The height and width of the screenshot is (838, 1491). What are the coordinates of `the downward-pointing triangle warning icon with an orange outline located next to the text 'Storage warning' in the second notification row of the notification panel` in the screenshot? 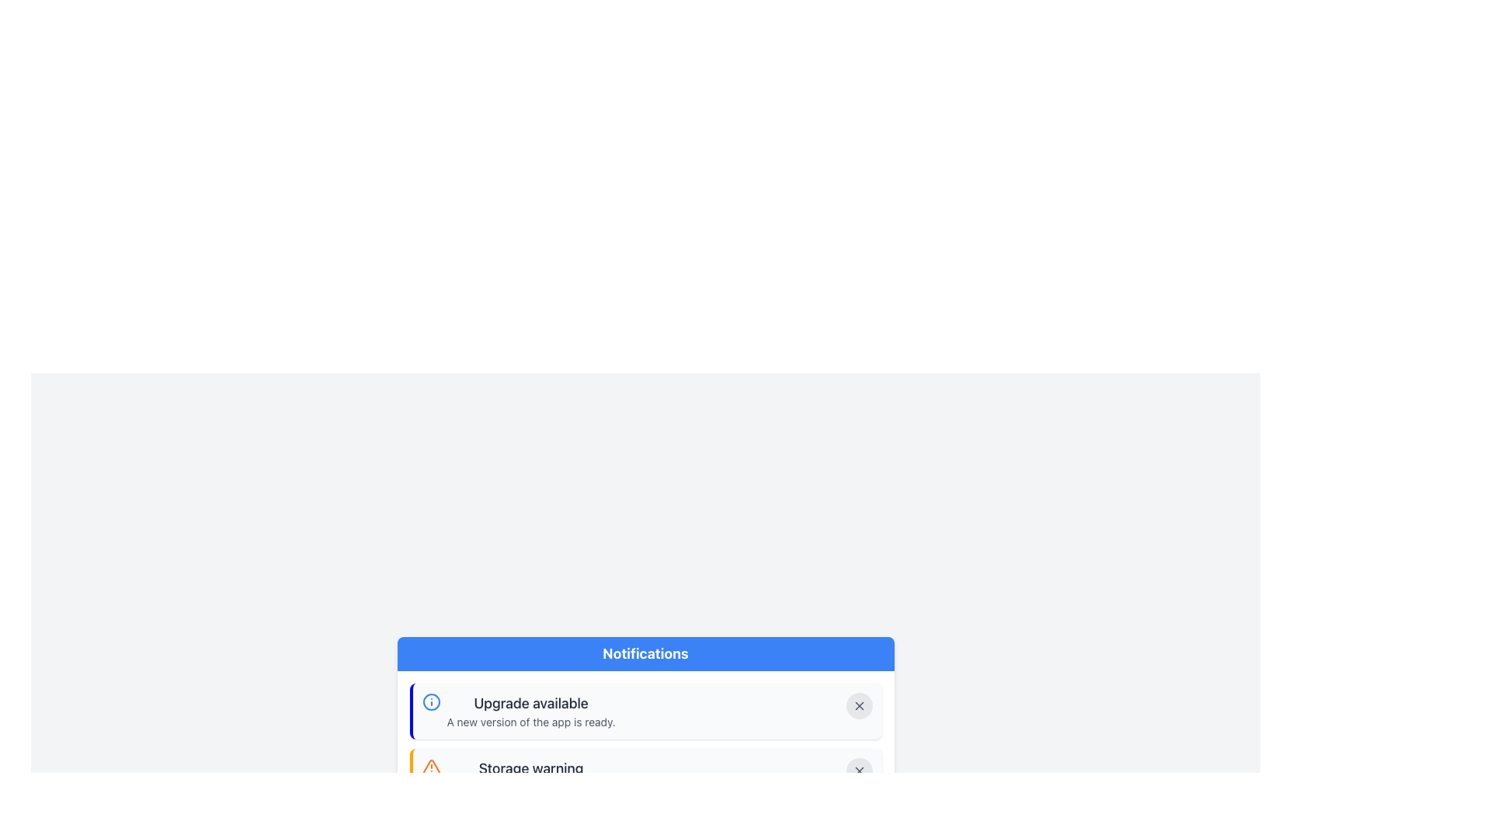 It's located at (431, 766).